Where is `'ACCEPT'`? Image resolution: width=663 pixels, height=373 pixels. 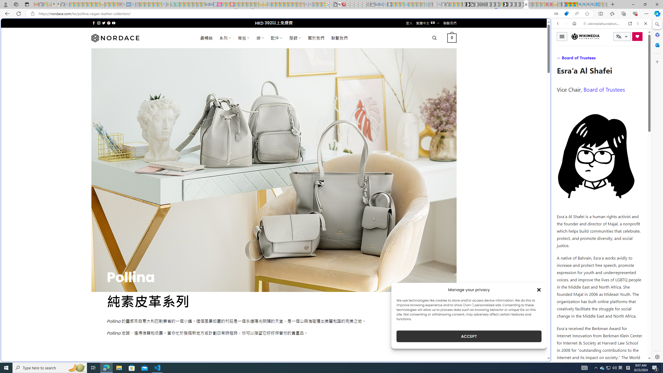 'ACCEPT' is located at coordinates (469, 336).